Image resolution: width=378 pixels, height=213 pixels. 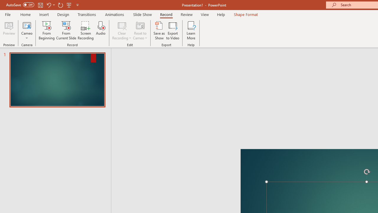 What do you see at coordinates (20, 5) in the screenshot?
I see `'AutoSave'` at bounding box center [20, 5].